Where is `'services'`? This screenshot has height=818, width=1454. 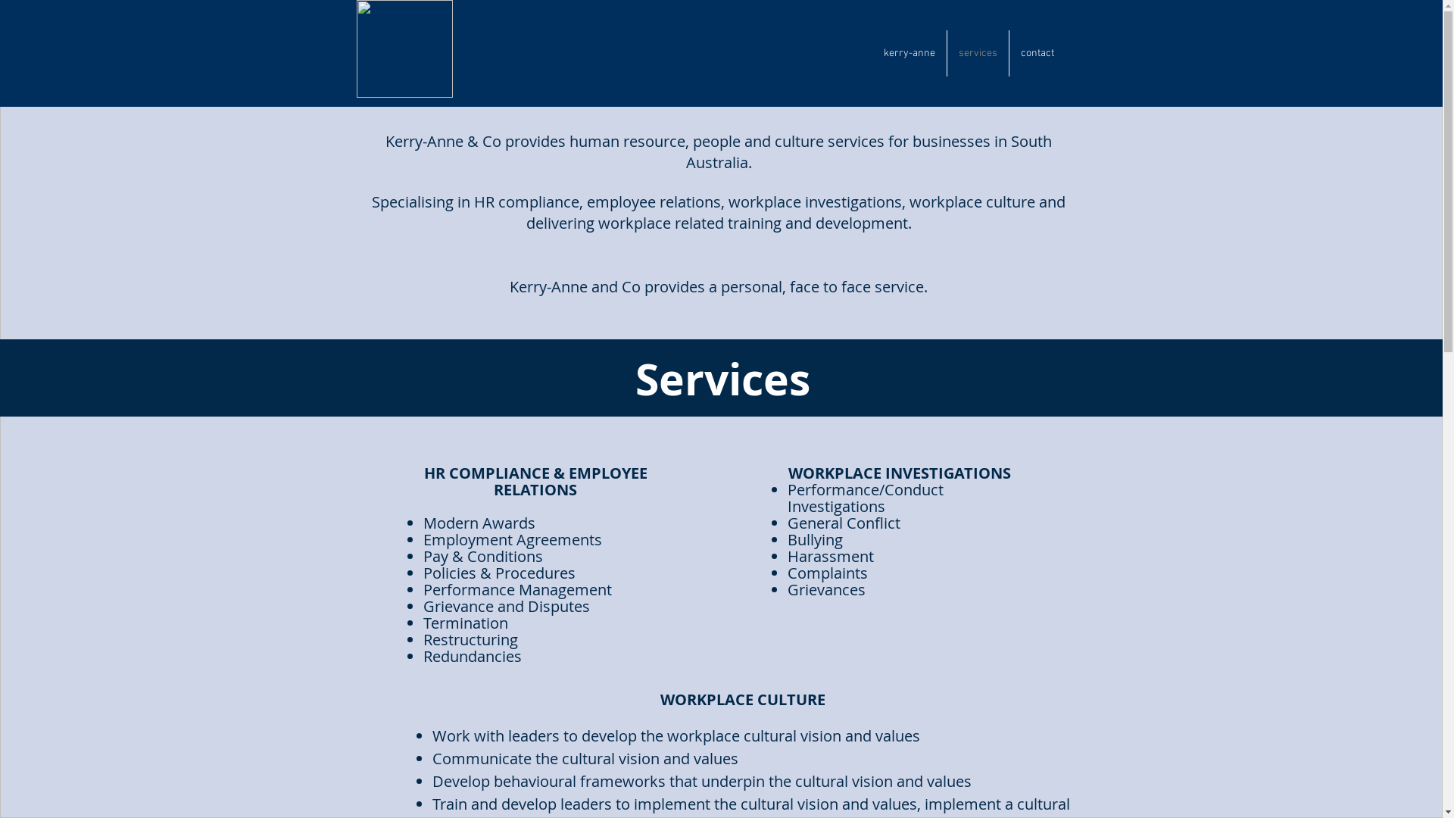 'services' is located at coordinates (977, 52).